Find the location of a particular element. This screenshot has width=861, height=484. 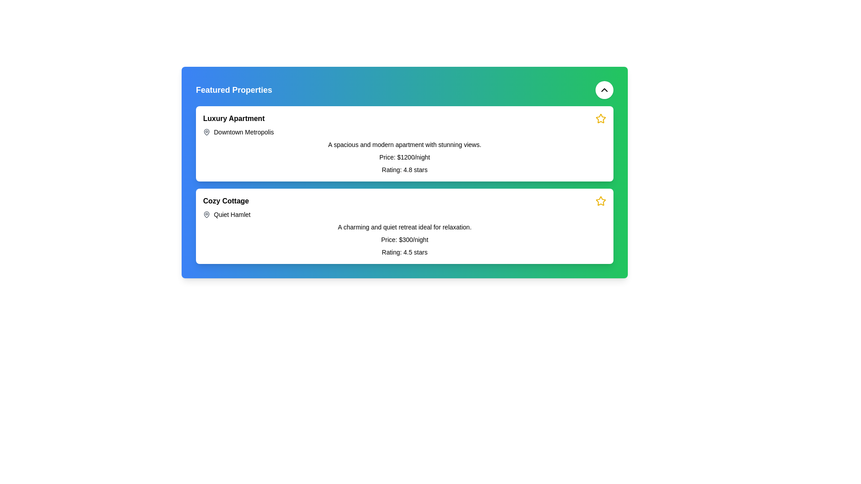

text element displaying 'A charming and quiet retreat ideal for relaxation.' located below the subtitle 'Quiet Hamlet' in the 'Cozy Cottage' section is located at coordinates (404, 226).